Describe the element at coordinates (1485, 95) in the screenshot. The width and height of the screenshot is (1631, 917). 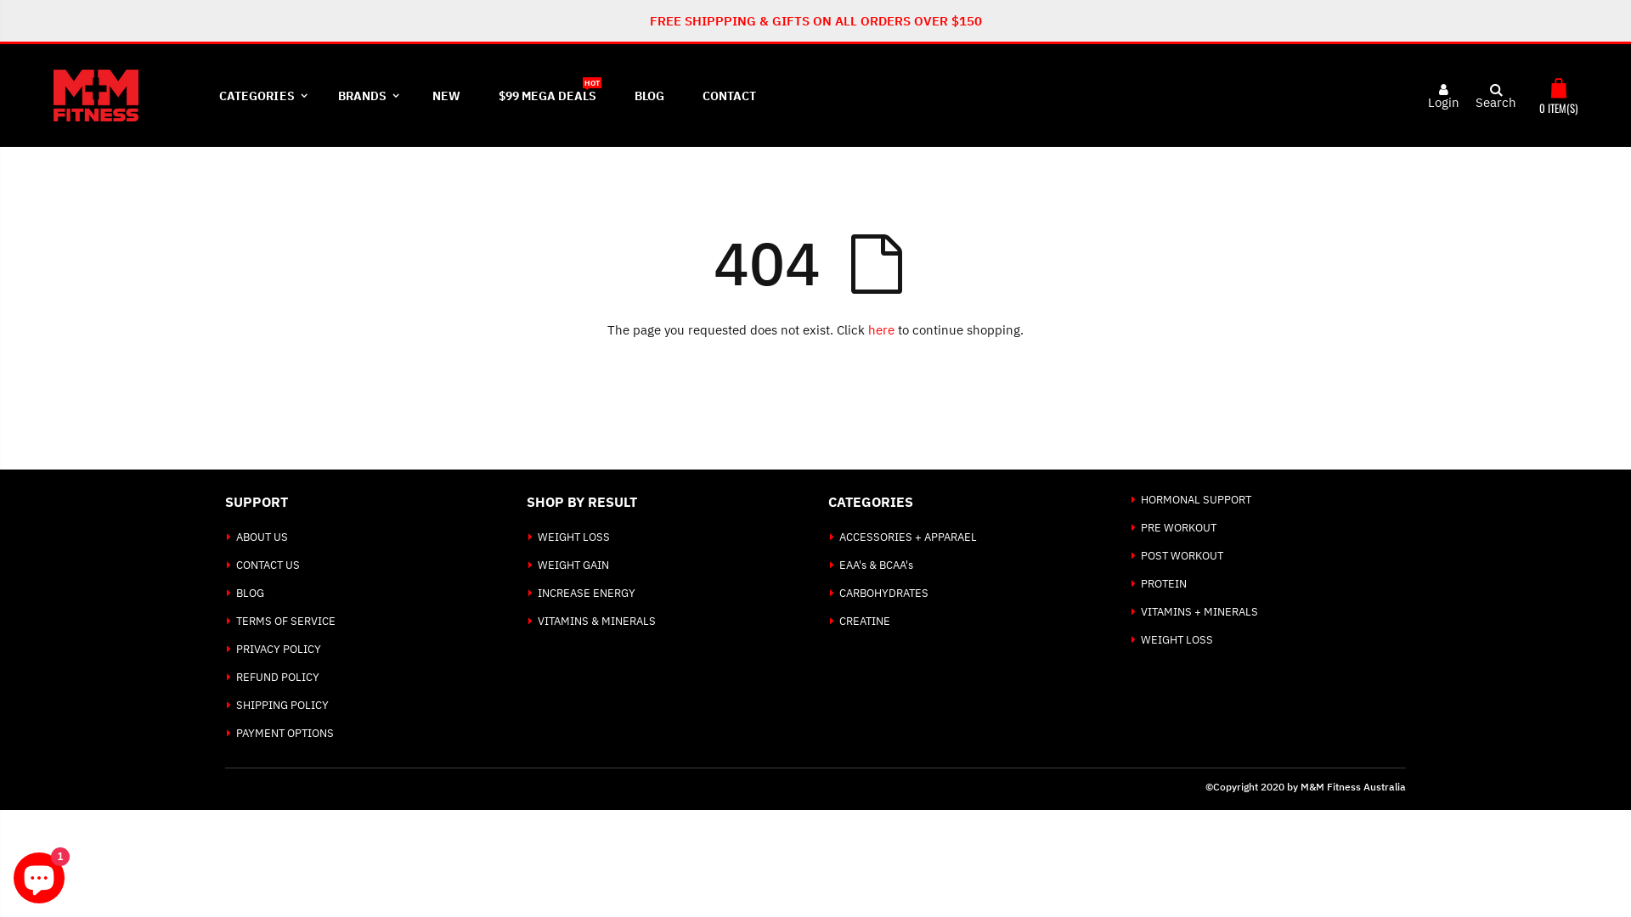
I see `'Search'` at that location.